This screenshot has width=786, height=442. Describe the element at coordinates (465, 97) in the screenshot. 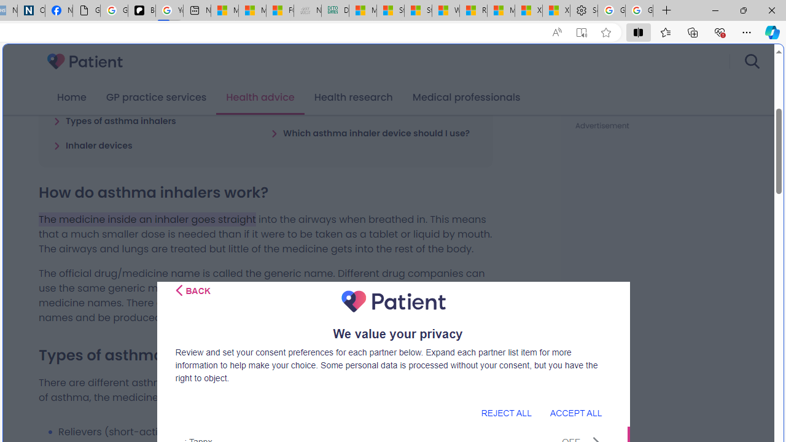

I see `'Medical professionals'` at that location.